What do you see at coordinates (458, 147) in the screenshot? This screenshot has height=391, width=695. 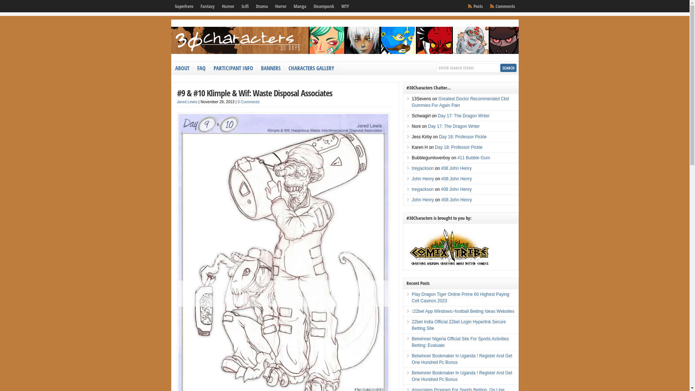 I see `'Day 18: Professor Pickle'` at bounding box center [458, 147].